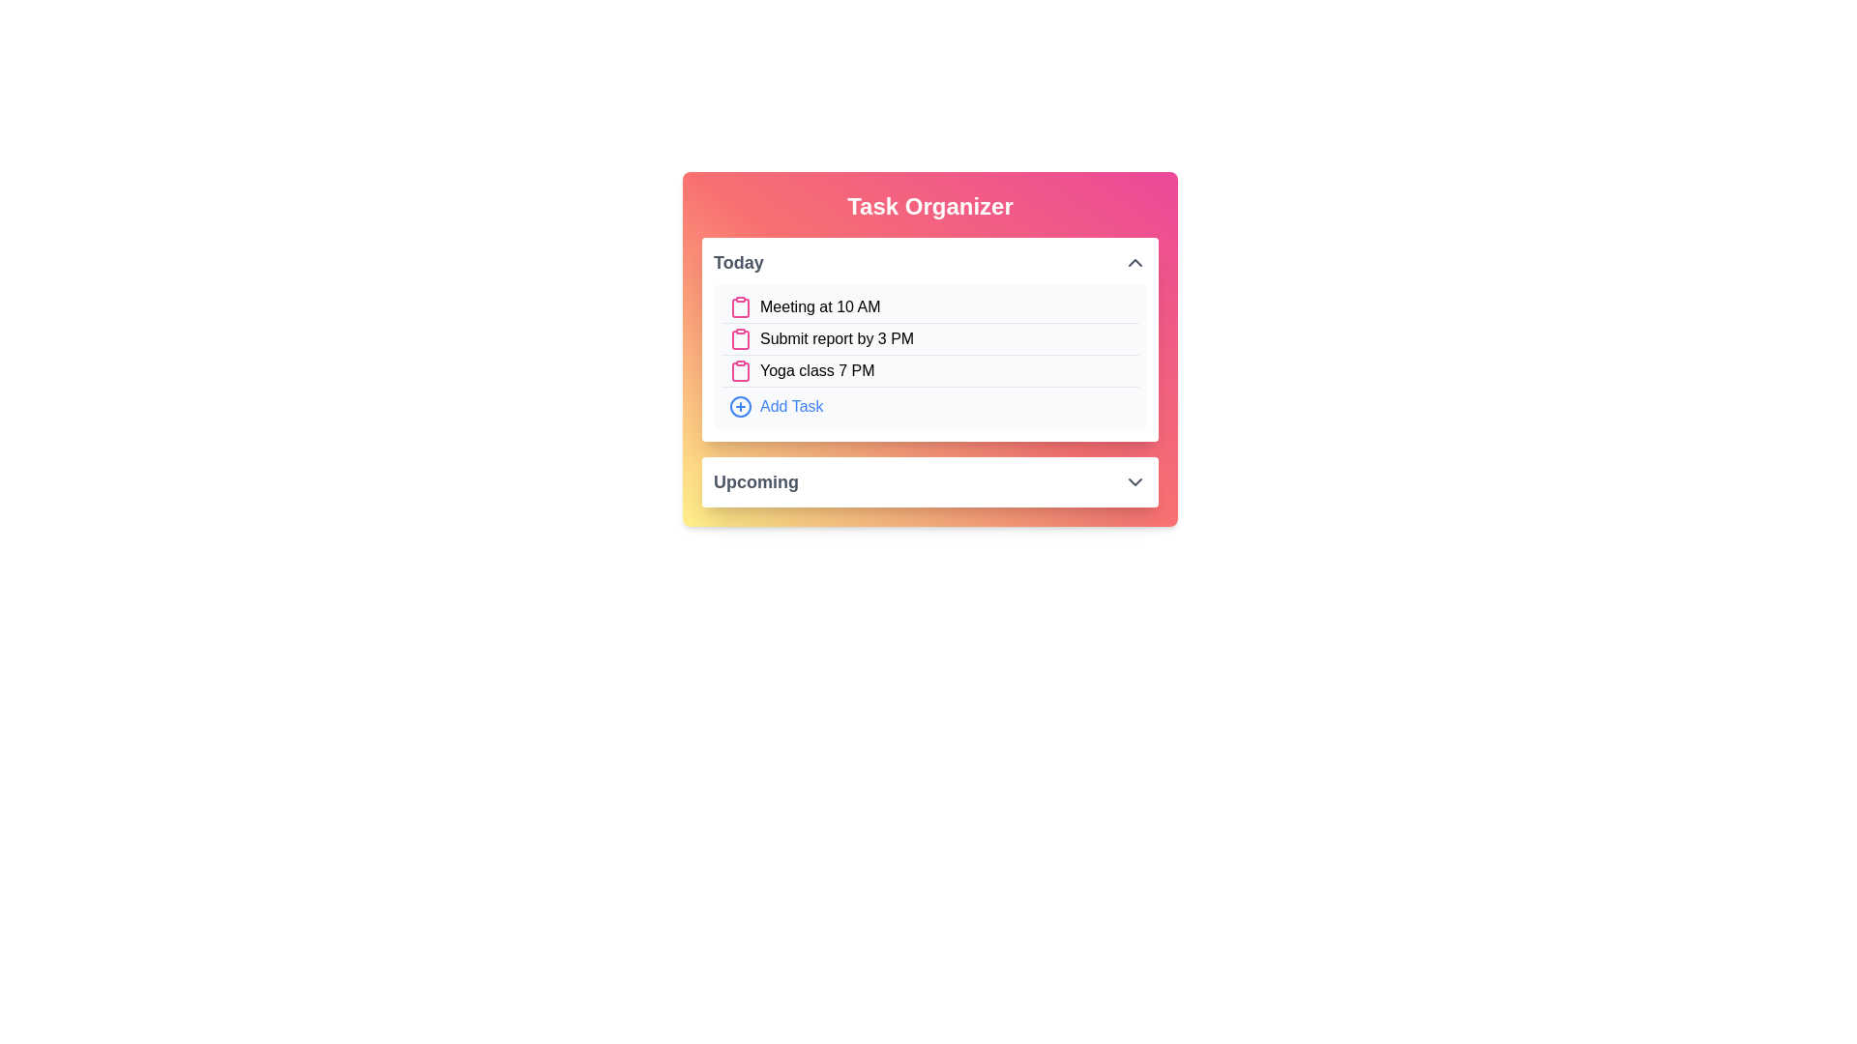  I want to click on the pink clipboard icon located to the left of the 'Meeting at 10 AM' text in the first task item under the 'Today' heading, so click(740, 305).